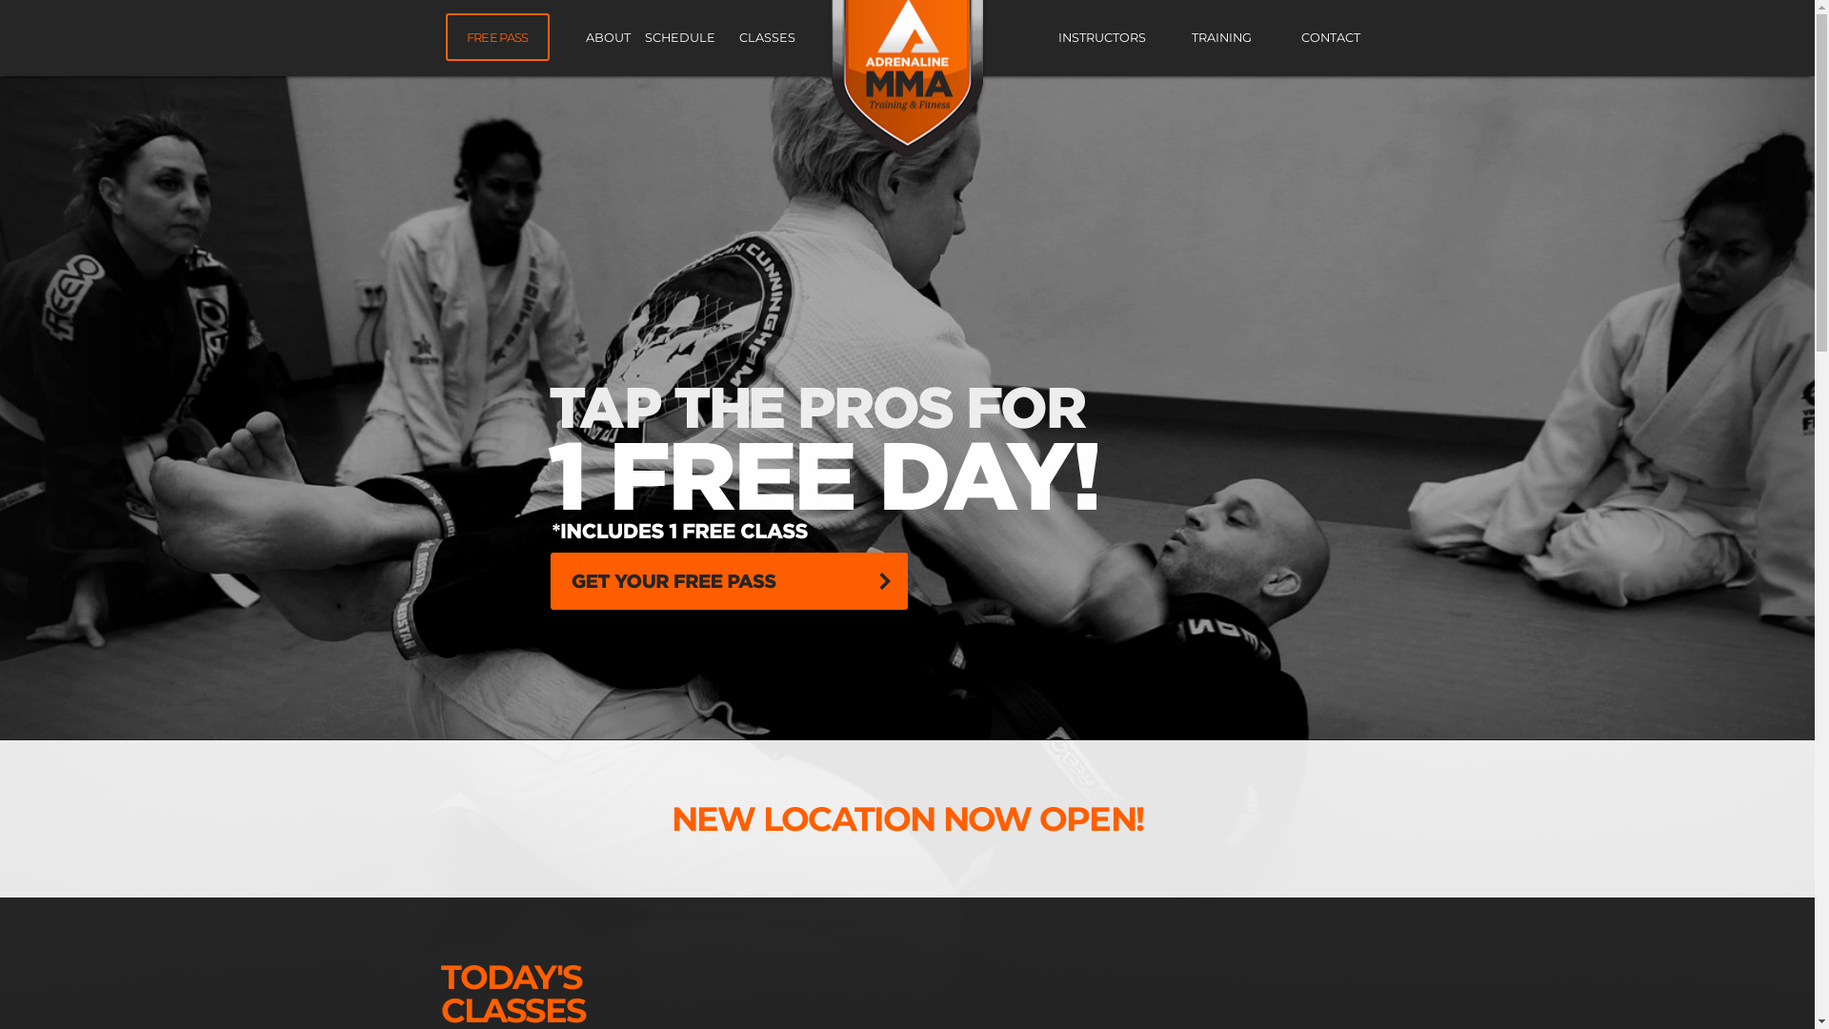 The height and width of the screenshot is (1029, 1829). What do you see at coordinates (497, 36) in the screenshot?
I see `'FREE PASS'` at bounding box center [497, 36].